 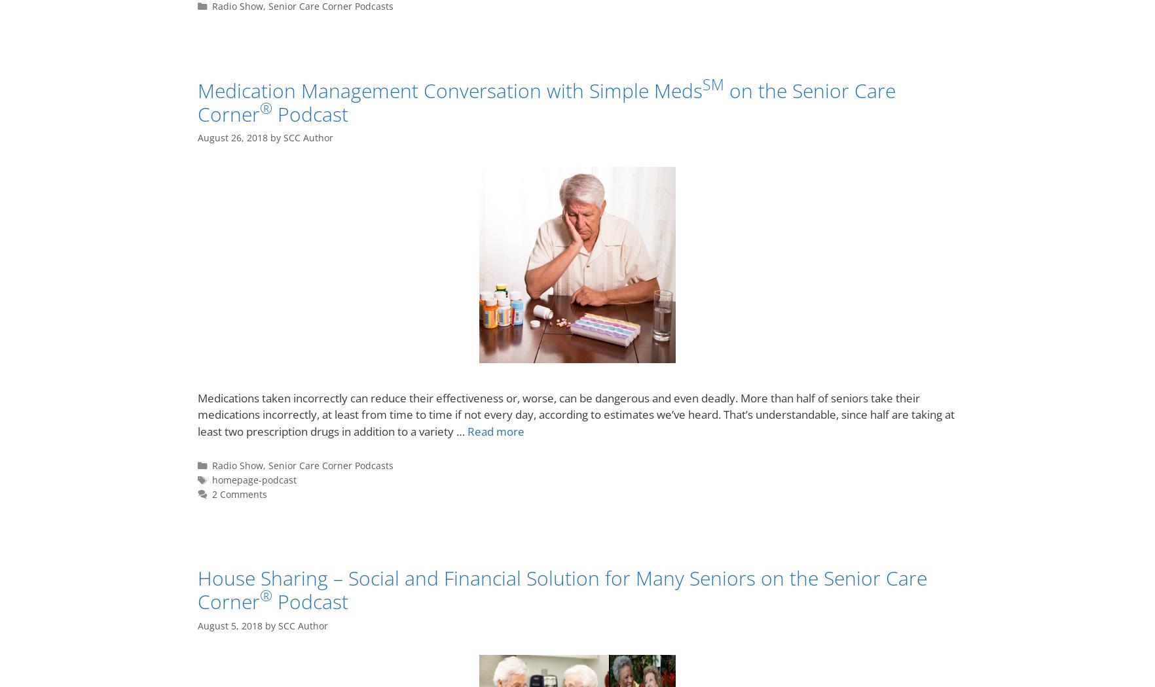 I want to click on 'homepage-podcast', so click(x=253, y=479).